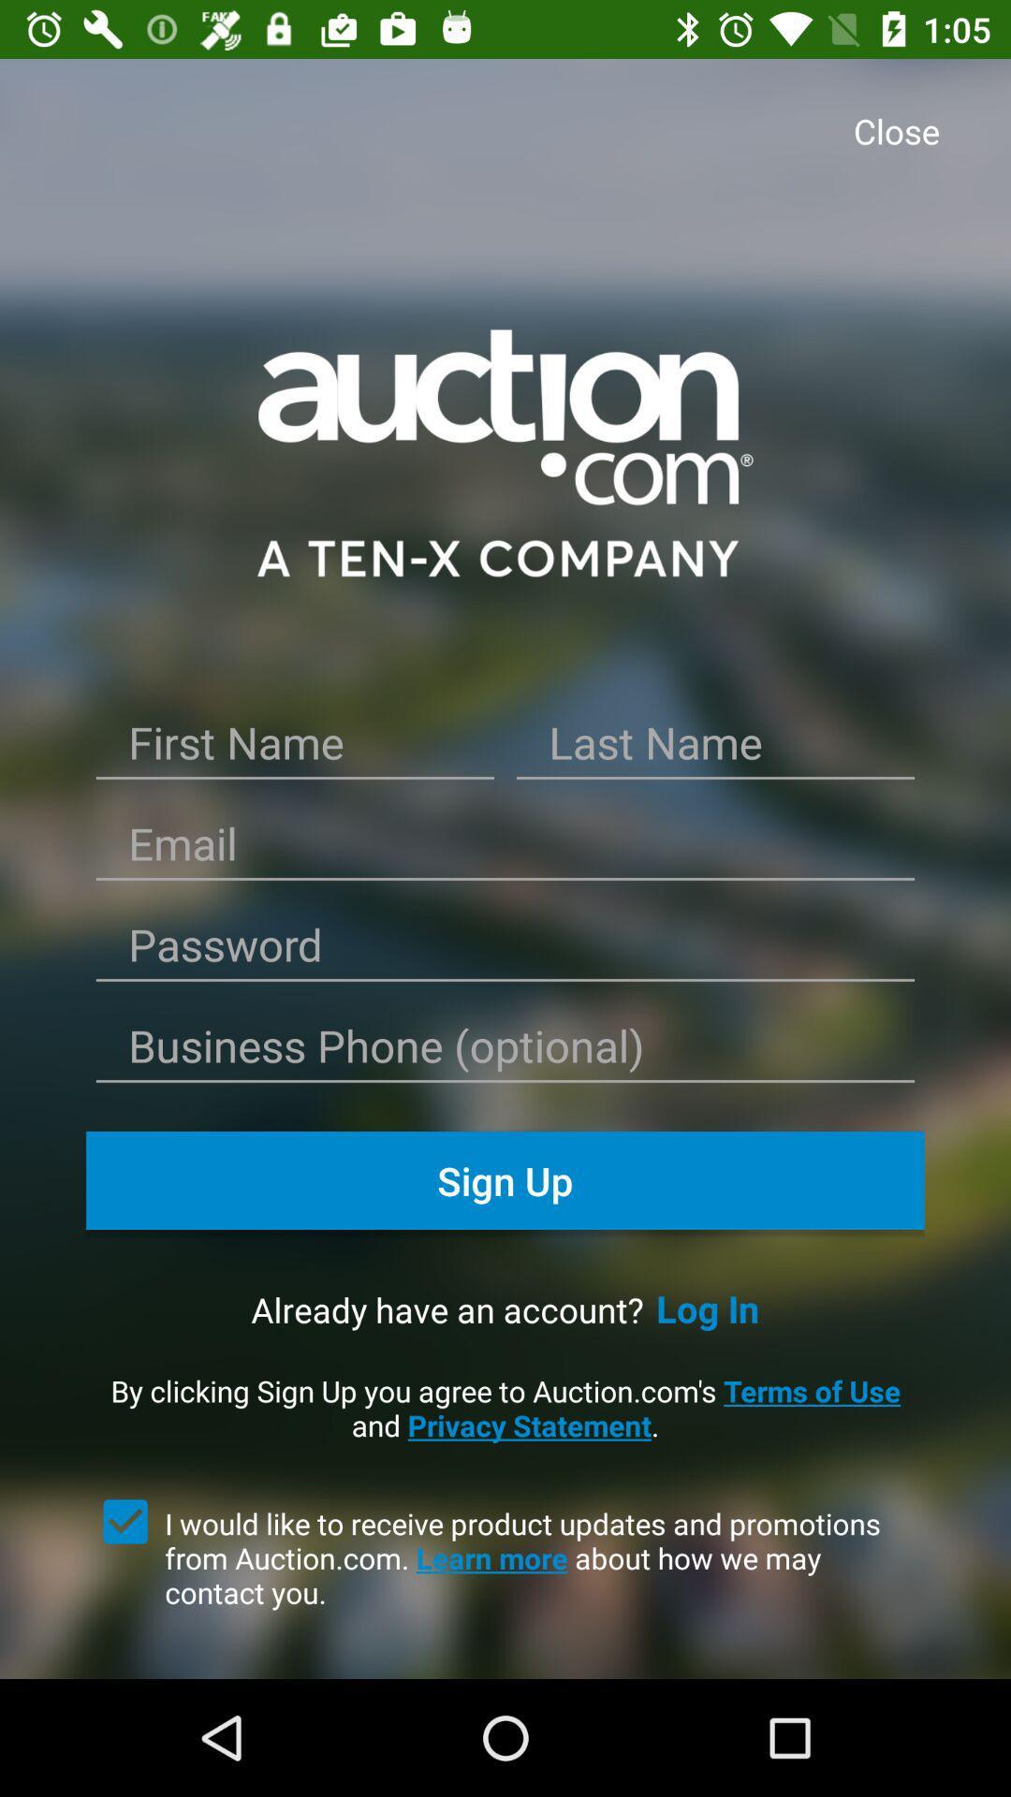 Image resolution: width=1011 pixels, height=1797 pixels. Describe the element at coordinates (295, 750) in the screenshot. I see `first name colomn` at that location.